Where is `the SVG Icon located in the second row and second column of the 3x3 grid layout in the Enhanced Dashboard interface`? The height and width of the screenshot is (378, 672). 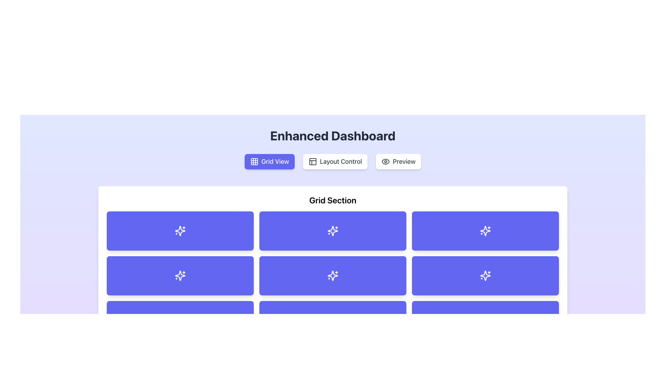
the SVG Icon located in the second row and second column of the 3x3 grid layout in the Enhanced Dashboard interface is located at coordinates (180, 275).